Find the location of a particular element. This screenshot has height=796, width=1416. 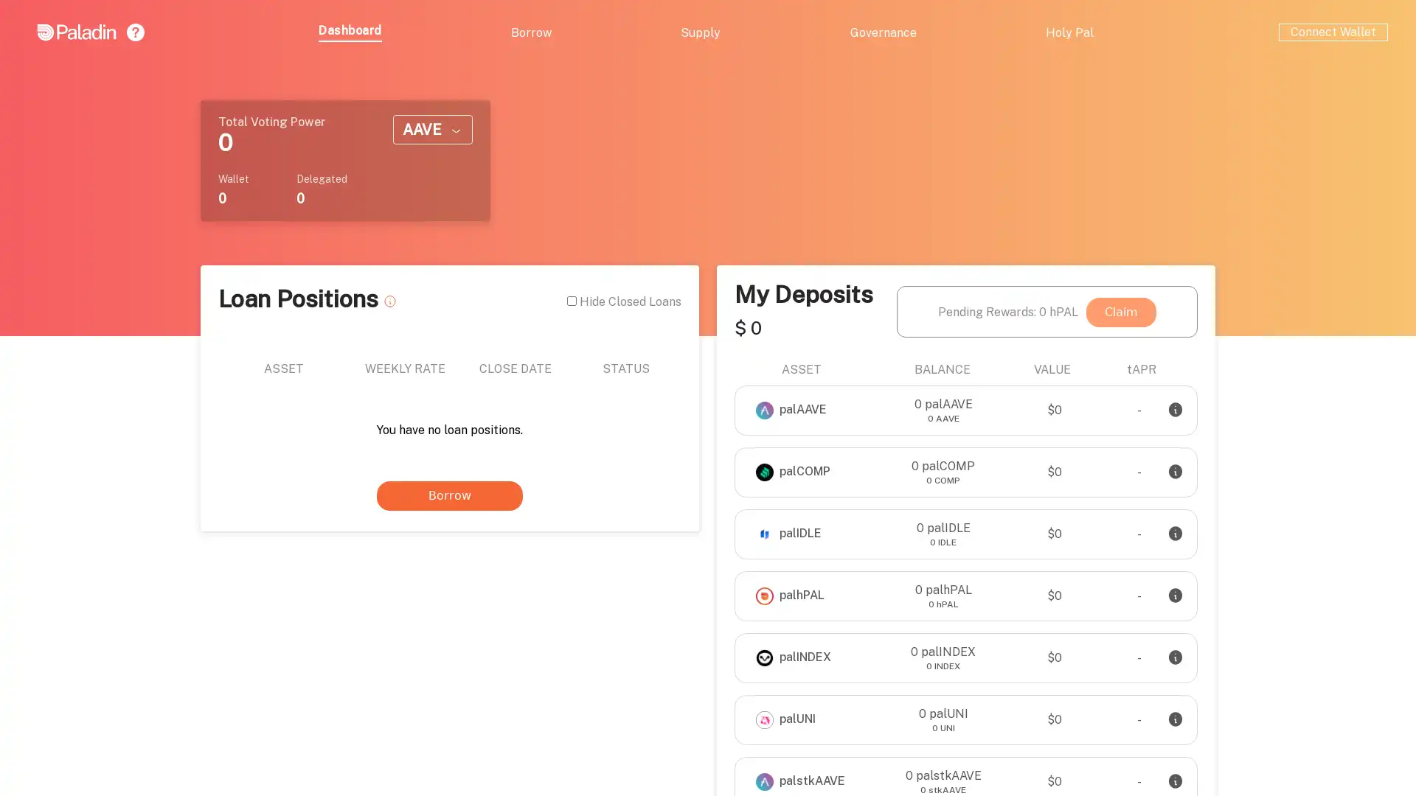

Claim is located at coordinates (1121, 311).